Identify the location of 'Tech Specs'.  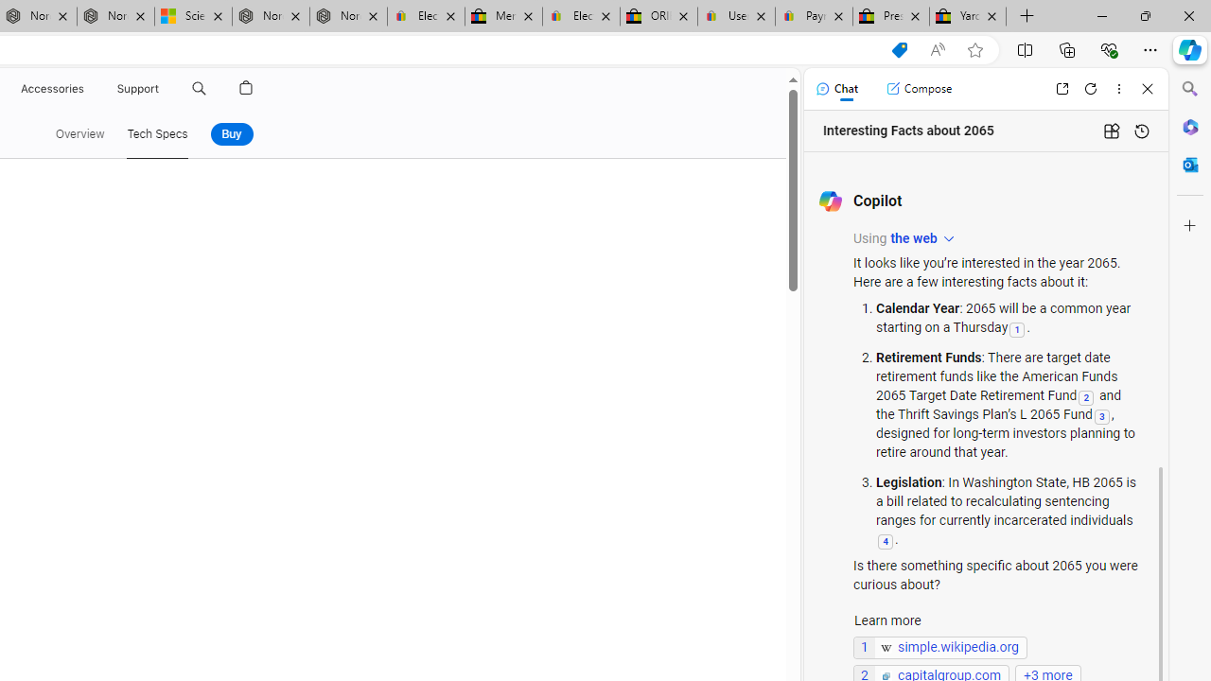
(157, 132).